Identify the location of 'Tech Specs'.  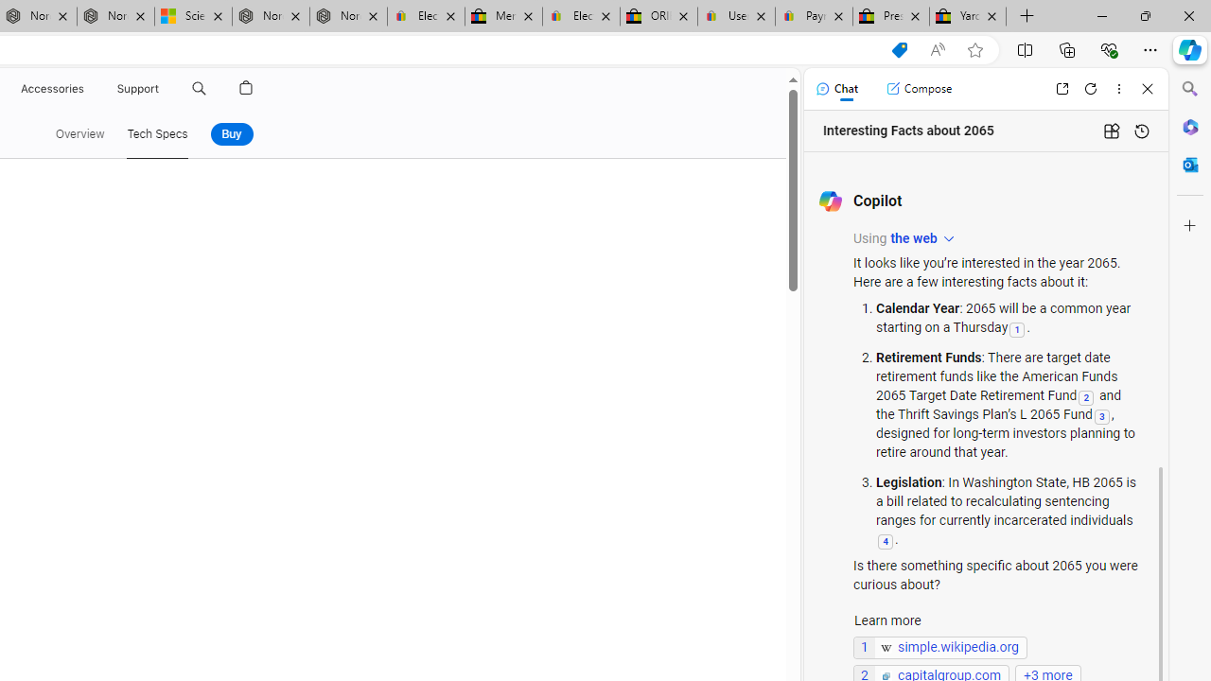
(157, 132).